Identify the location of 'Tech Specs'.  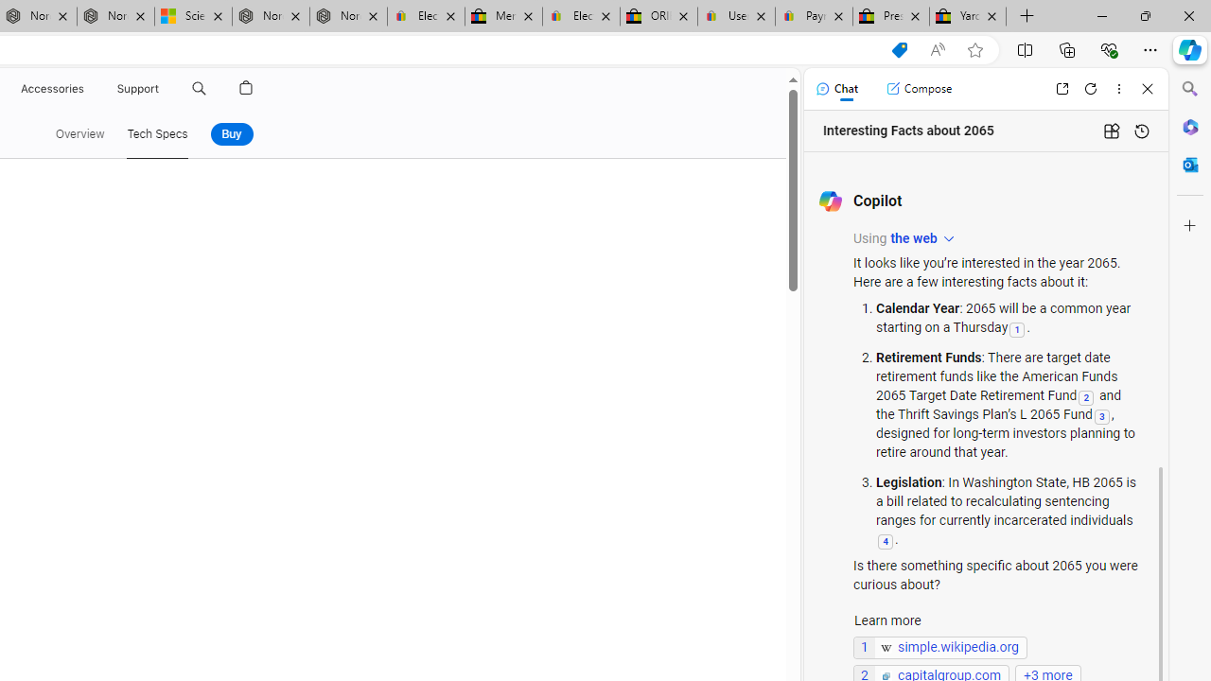
(157, 132).